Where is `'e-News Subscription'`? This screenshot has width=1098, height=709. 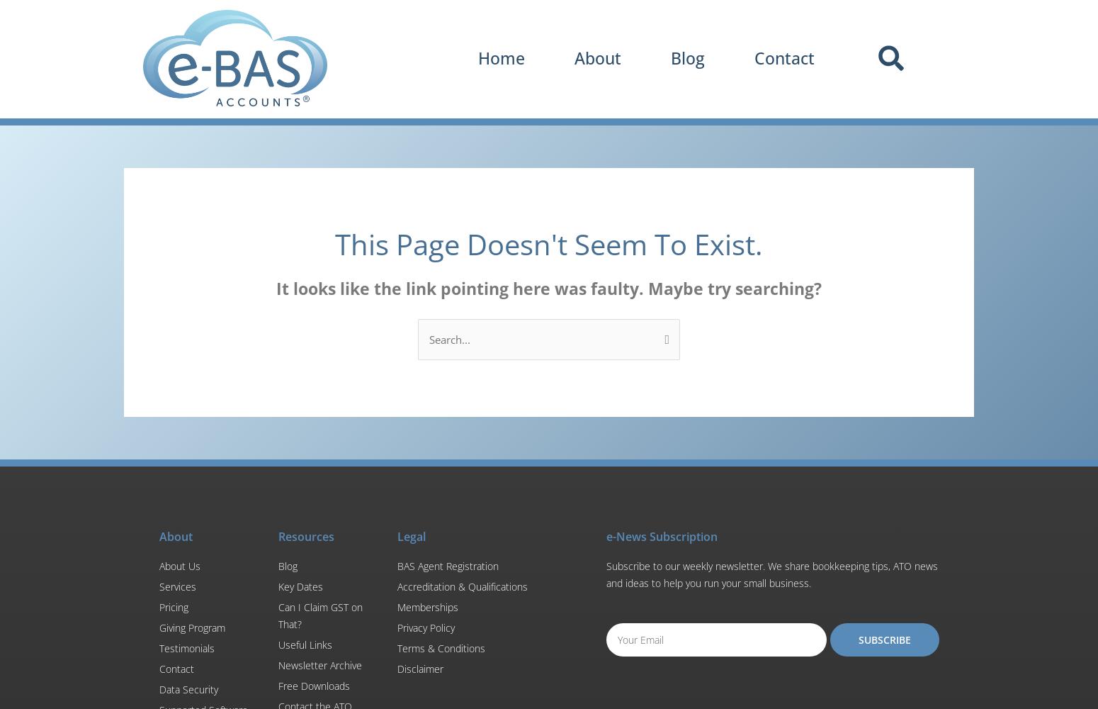
'e-News Subscription' is located at coordinates (605, 536).